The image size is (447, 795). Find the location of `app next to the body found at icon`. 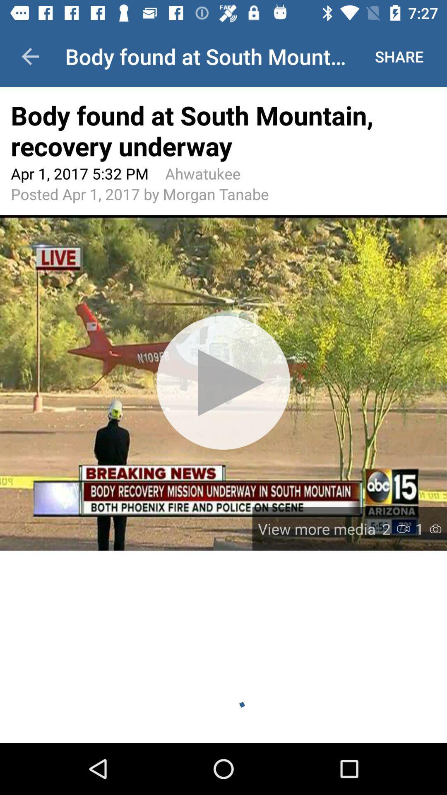

app next to the body found at icon is located at coordinates (399, 56).